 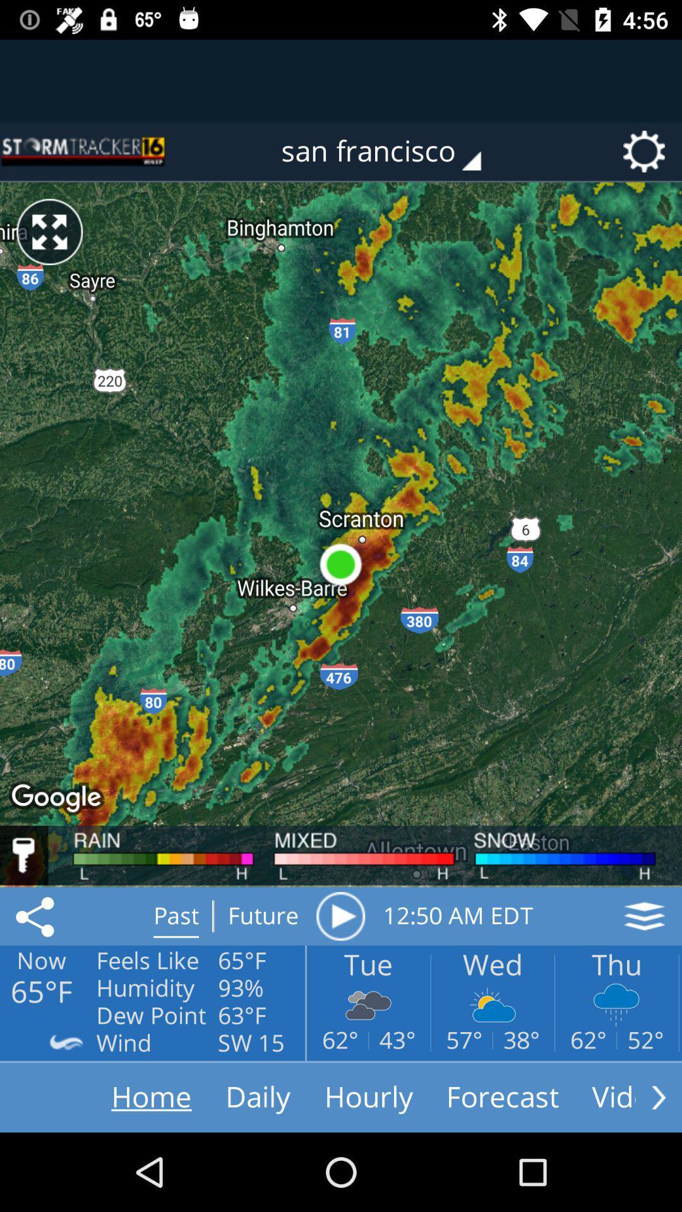 I want to click on move forward, so click(x=658, y=1096).